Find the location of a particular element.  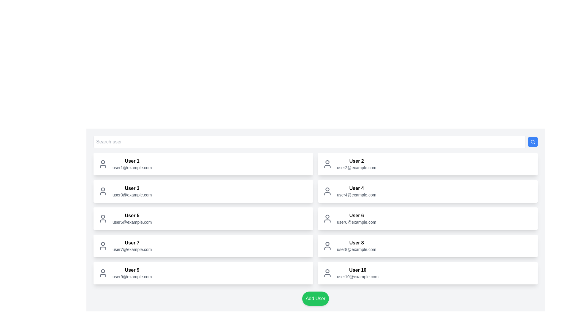

the User card element displaying 'User 8' and 'user8@example.com', located in the fourth row of the right column of user cards is located at coordinates (427, 246).